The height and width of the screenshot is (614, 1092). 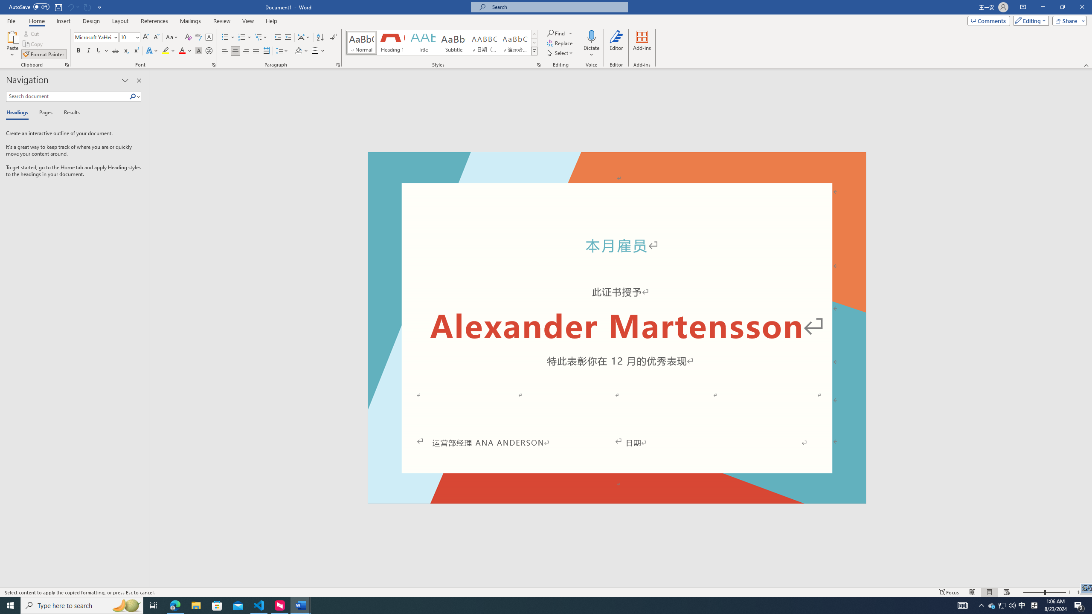 I want to click on 'Shading', so click(x=301, y=50).